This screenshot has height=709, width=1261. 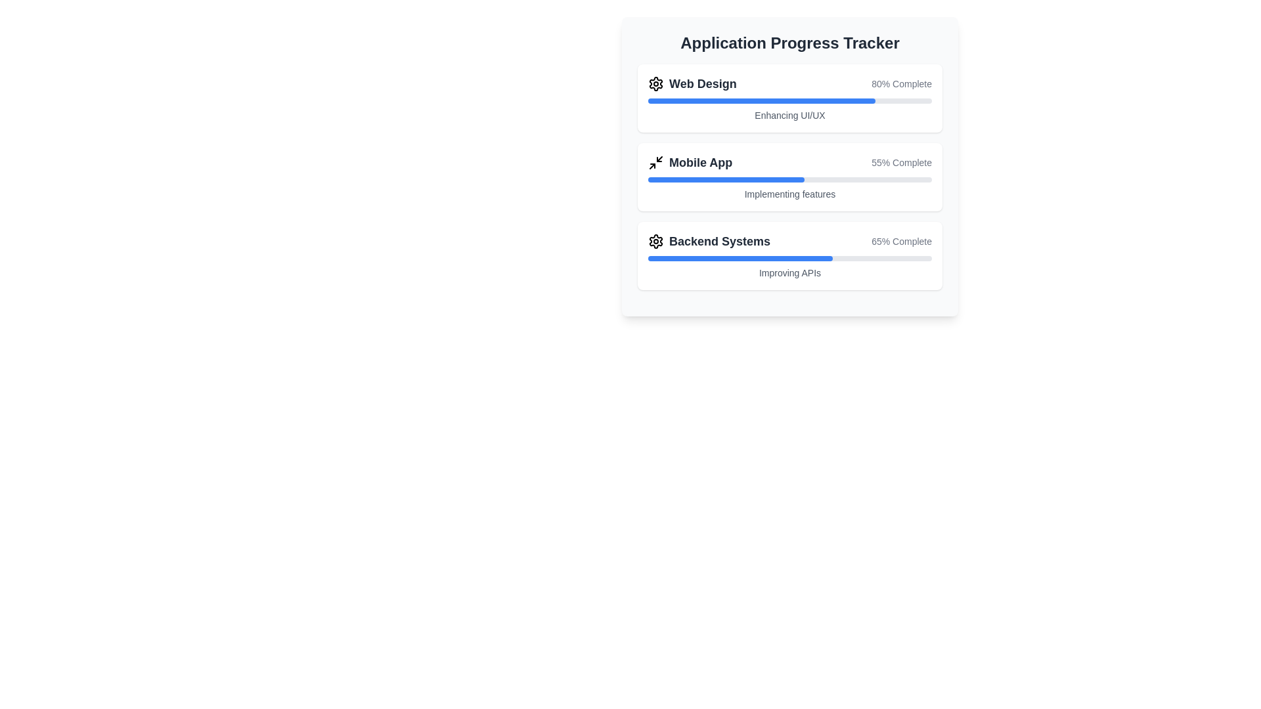 What do you see at coordinates (761, 100) in the screenshot?
I see `the blue-colored, rounded progress bar indicating 80% progress in the Web Design section of the progress tracker interface` at bounding box center [761, 100].